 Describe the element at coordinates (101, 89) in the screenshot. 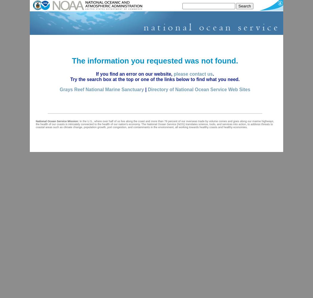

I see `'Grays Reef National Marine Sanctuary'` at that location.